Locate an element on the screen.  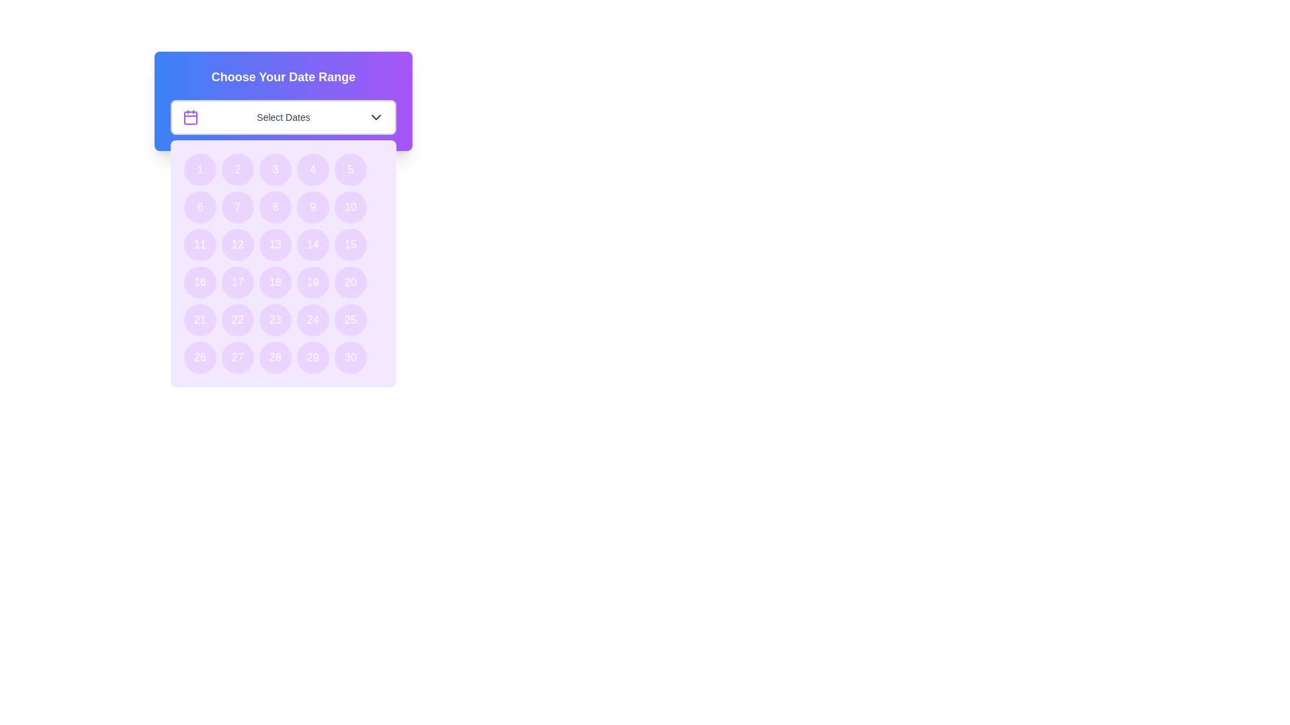
the Date Picker Grid is located at coordinates (283, 264).